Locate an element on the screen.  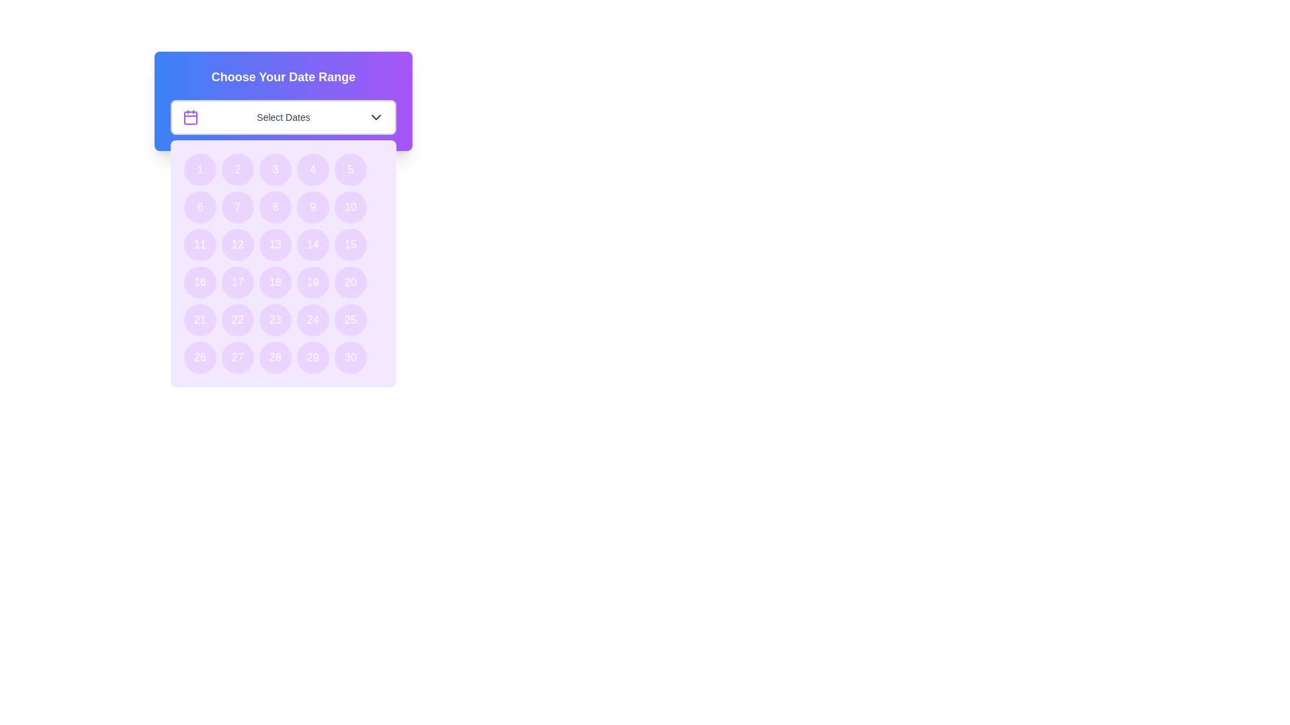
the Date Picker Grid is located at coordinates (283, 264).